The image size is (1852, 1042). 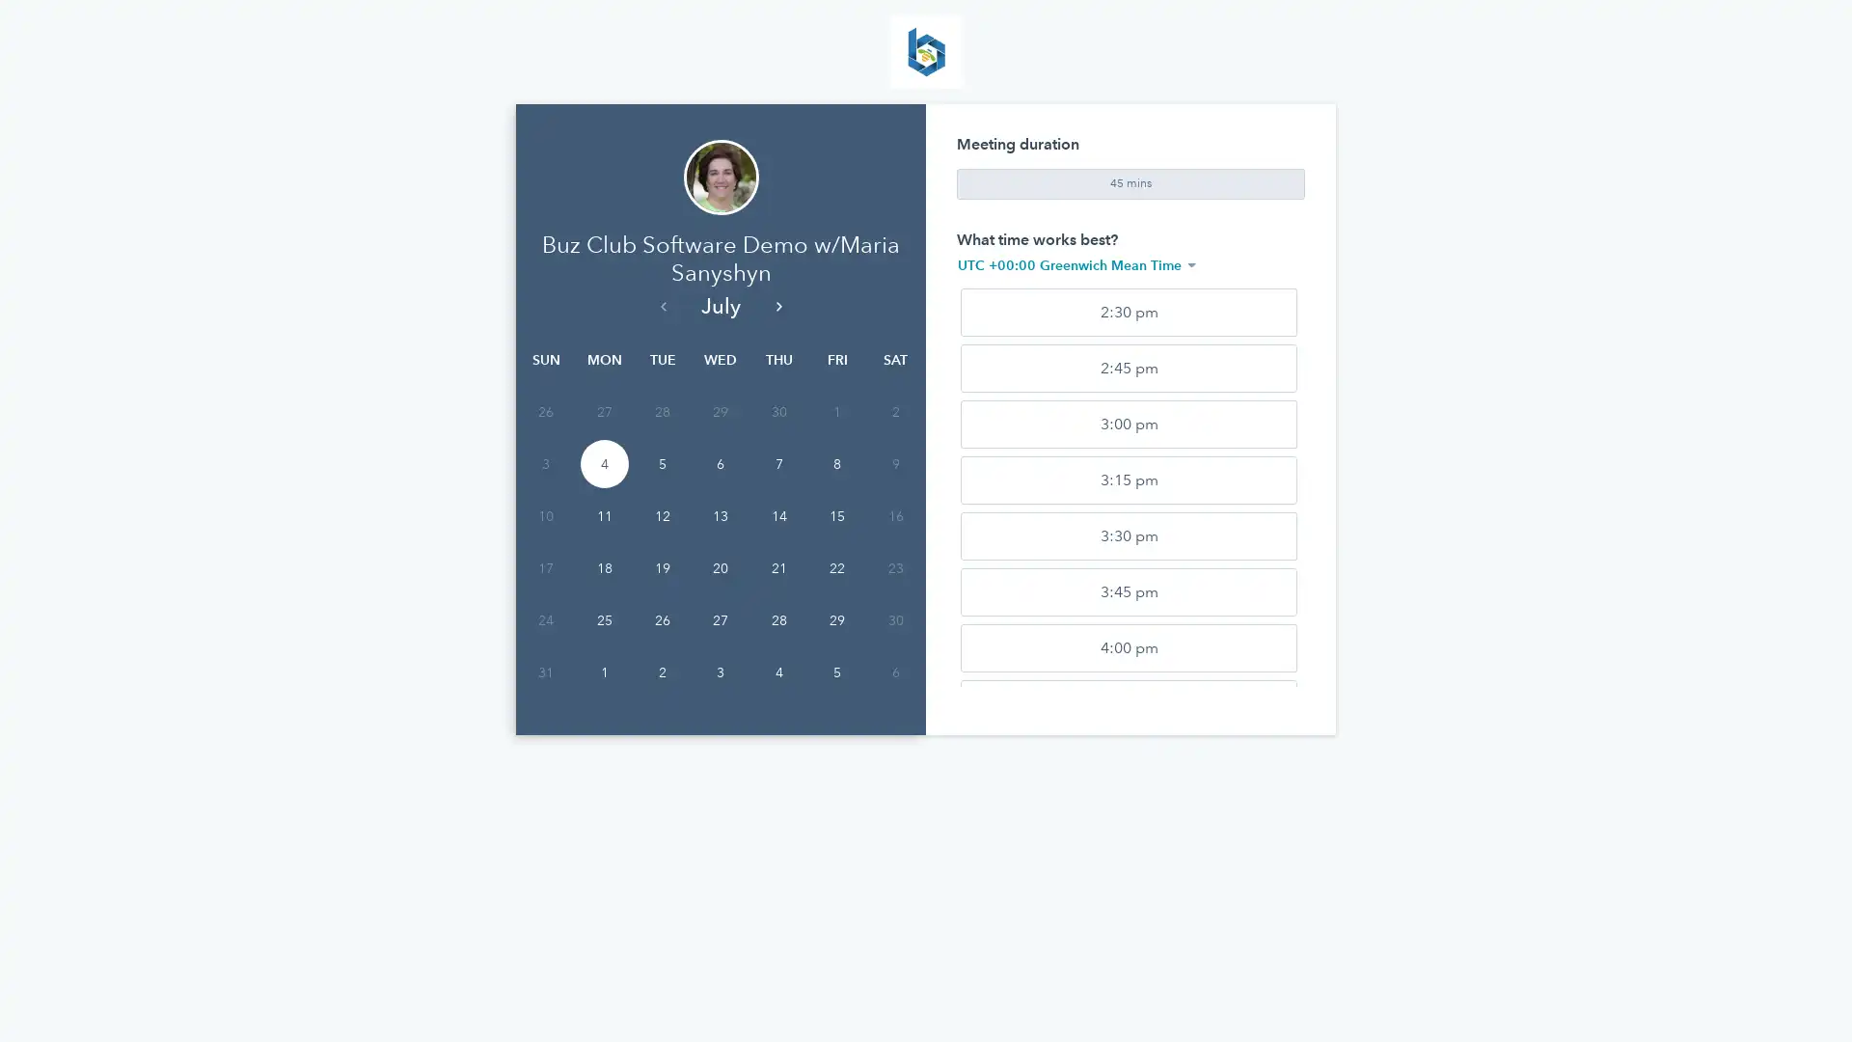 I want to click on July 15th, so click(x=837, y=515).